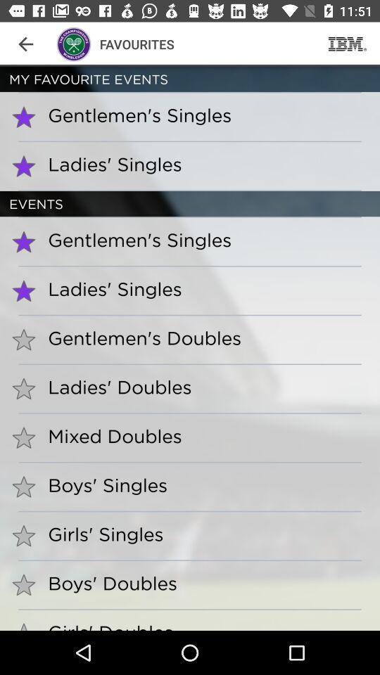  Describe the element at coordinates (347, 44) in the screenshot. I see `the app to the right of the favourites app` at that location.